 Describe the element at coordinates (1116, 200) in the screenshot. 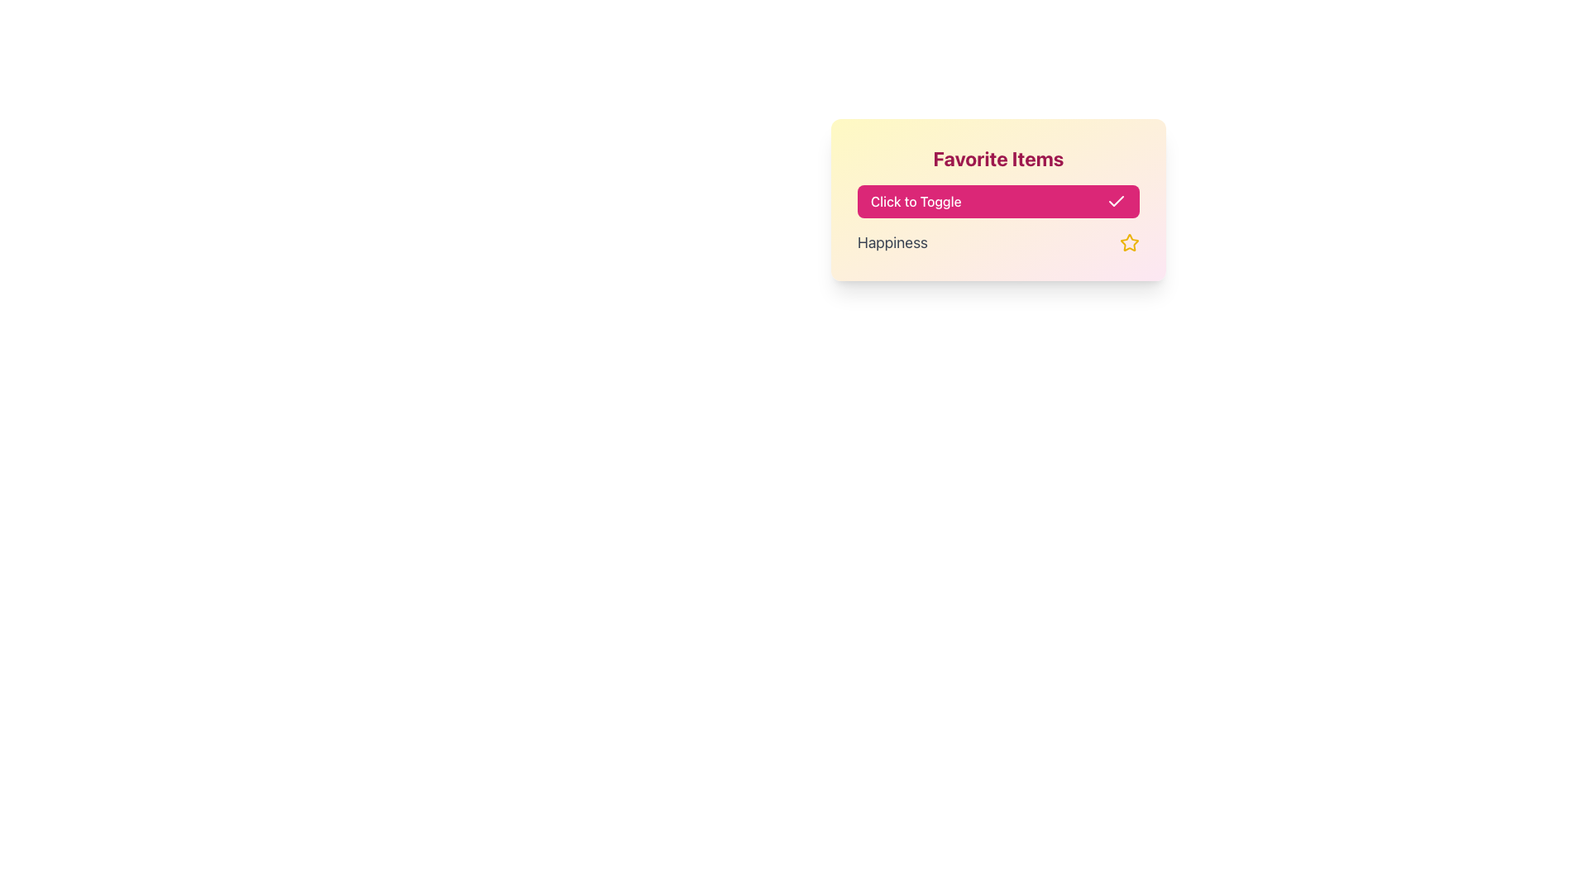

I see `the confirmation icon located to the right of the 'Click` at that location.